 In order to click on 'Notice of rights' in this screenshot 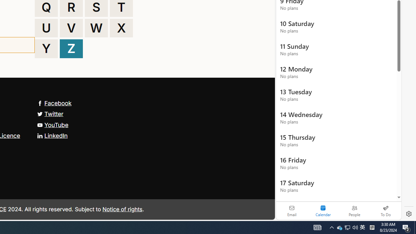, I will do `click(122, 209)`.